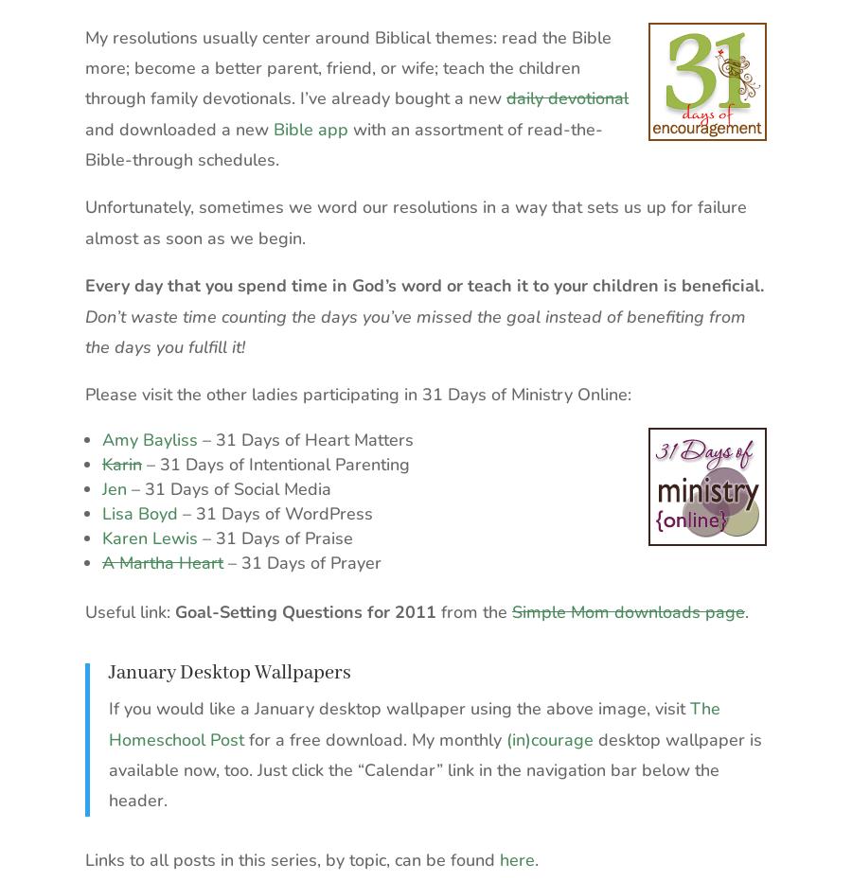  I want to click on 'Please visit the other ladies participating in 31 Days of Ministry Online:', so click(358, 393).